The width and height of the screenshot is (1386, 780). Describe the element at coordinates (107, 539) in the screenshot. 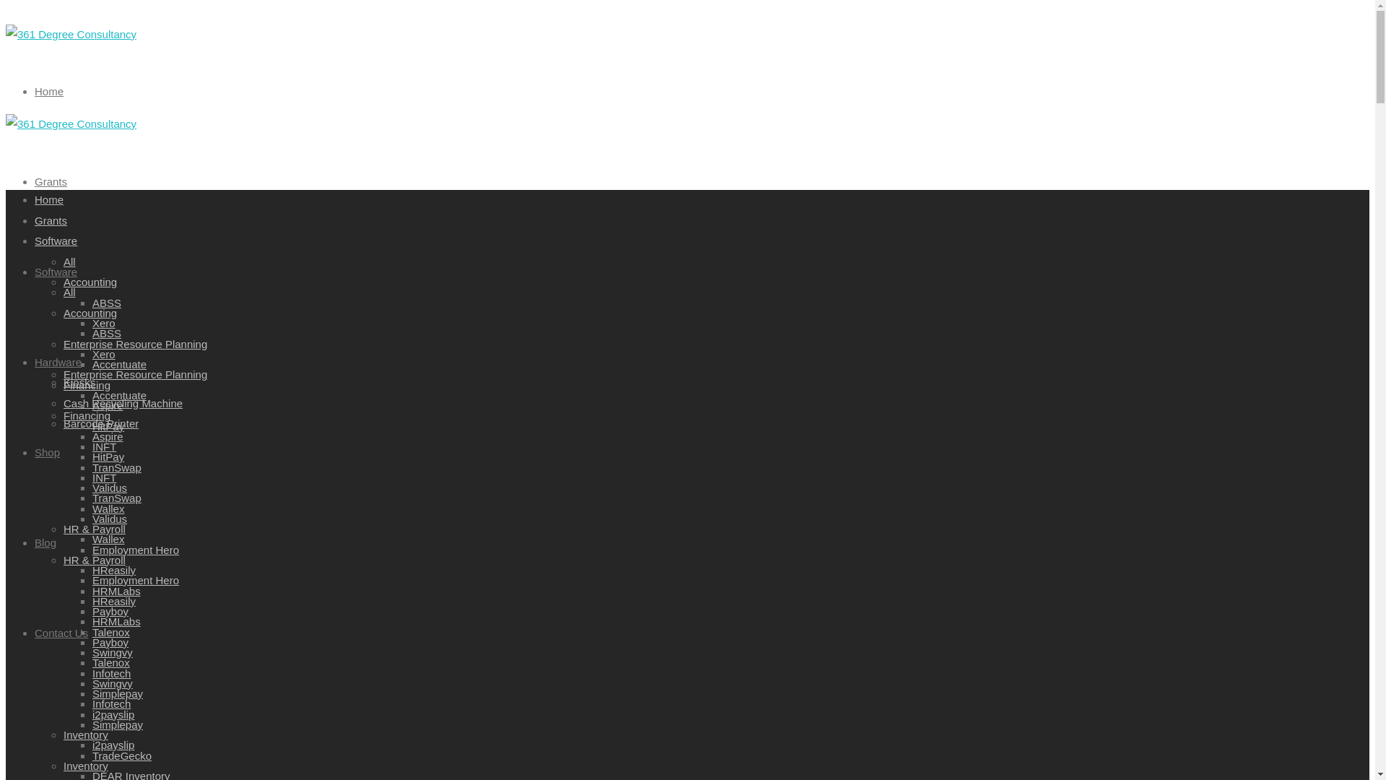

I see `'Wallex'` at that location.